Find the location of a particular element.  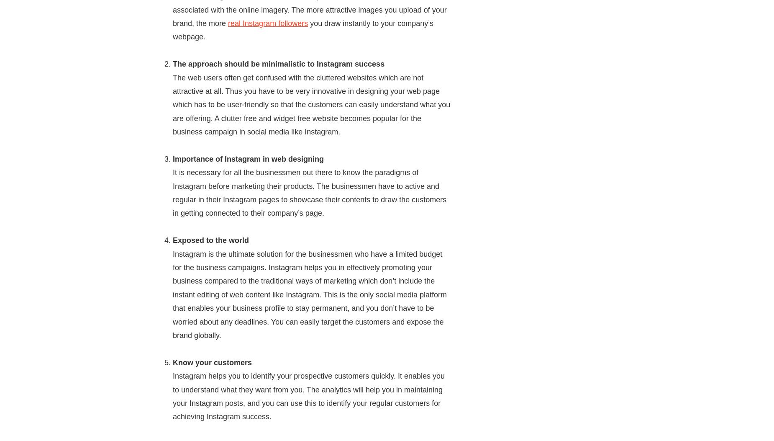

'The web users often get confused with the cluttered websites which are not attractive at all. Thus you have to be very innovative in designing your web page which has to be user-friendly so that the customers can easily understand what you are offering. A clutter free and widget free website becomes popular for the business campaign in social media like Instagram.' is located at coordinates (311, 104).